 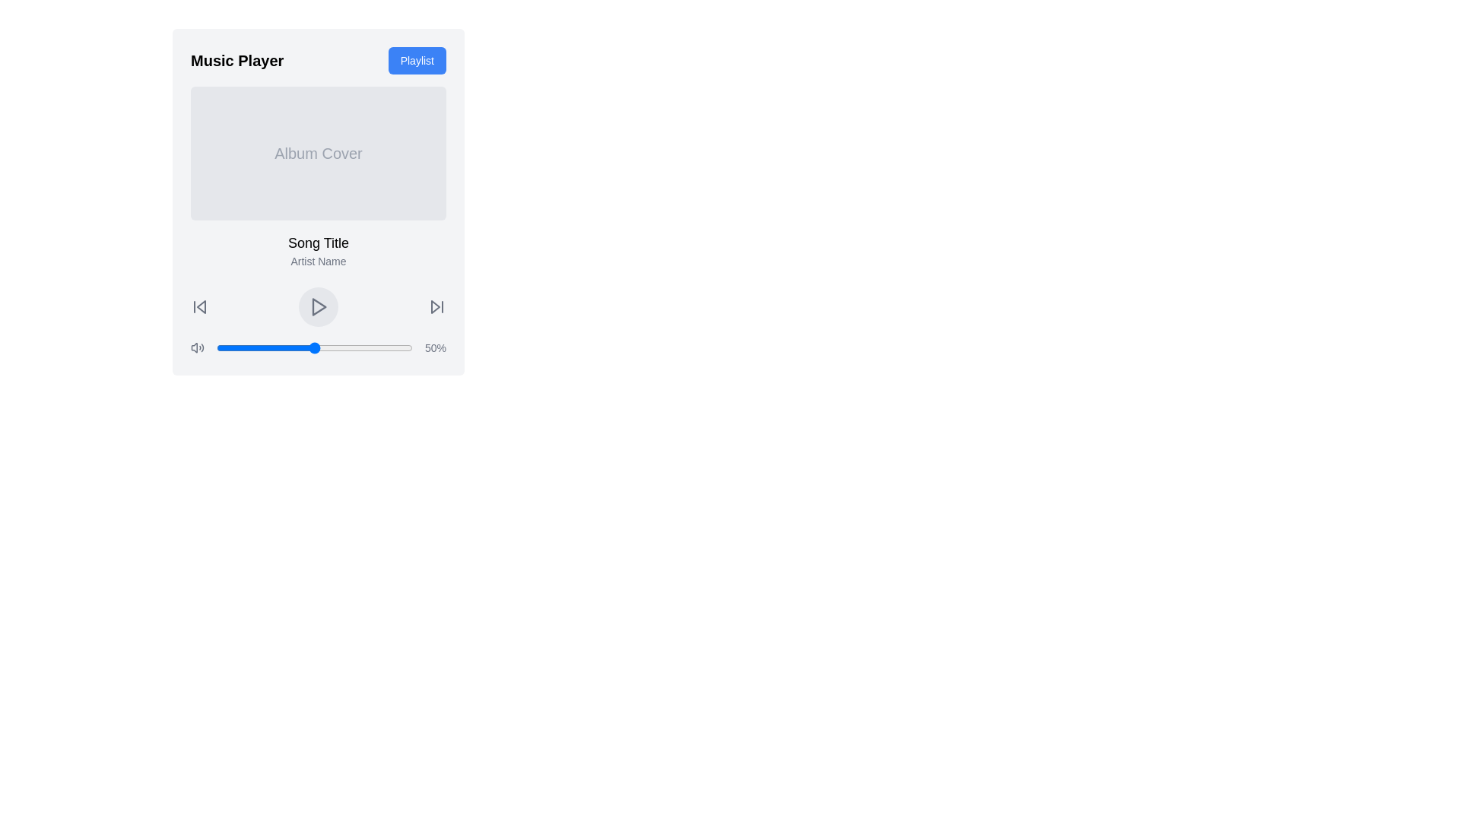 I want to click on the visual appearance of the skip-backward button icon located on the left side of the music player UI, positioned near the bottom-left corner of the control area, so click(x=200, y=307).